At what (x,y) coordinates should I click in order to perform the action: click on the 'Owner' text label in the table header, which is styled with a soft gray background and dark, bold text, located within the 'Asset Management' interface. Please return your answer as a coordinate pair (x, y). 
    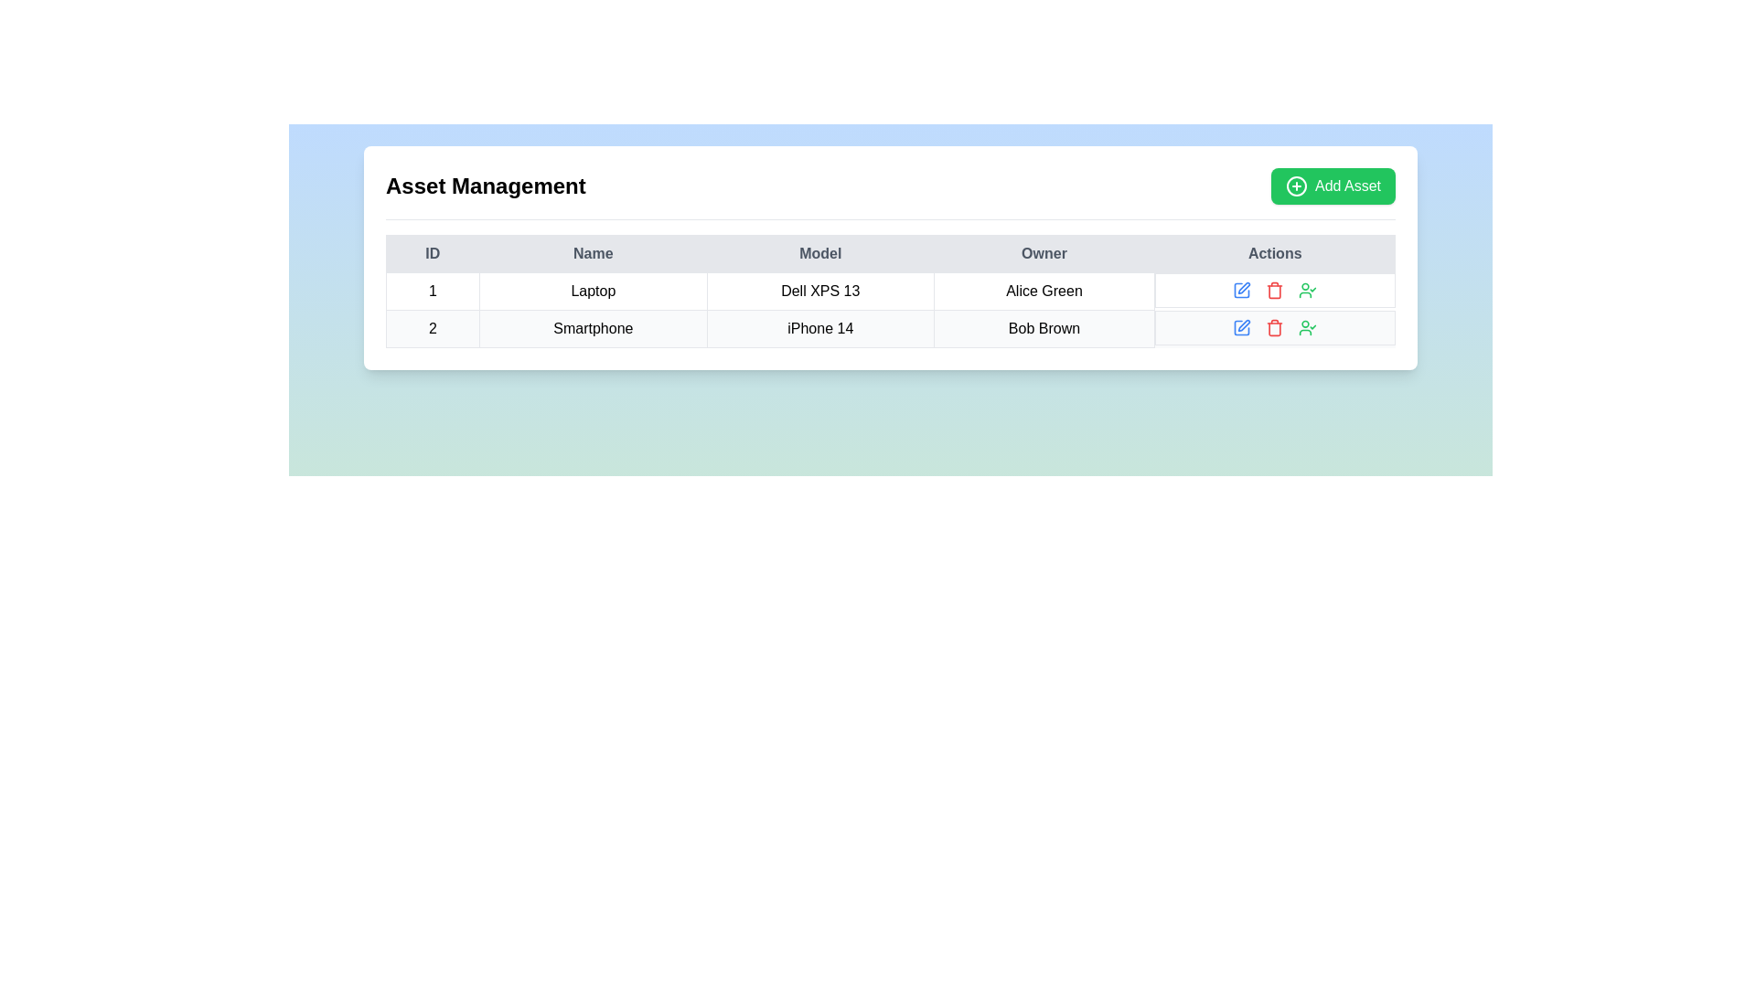
    Looking at the image, I should click on (1044, 253).